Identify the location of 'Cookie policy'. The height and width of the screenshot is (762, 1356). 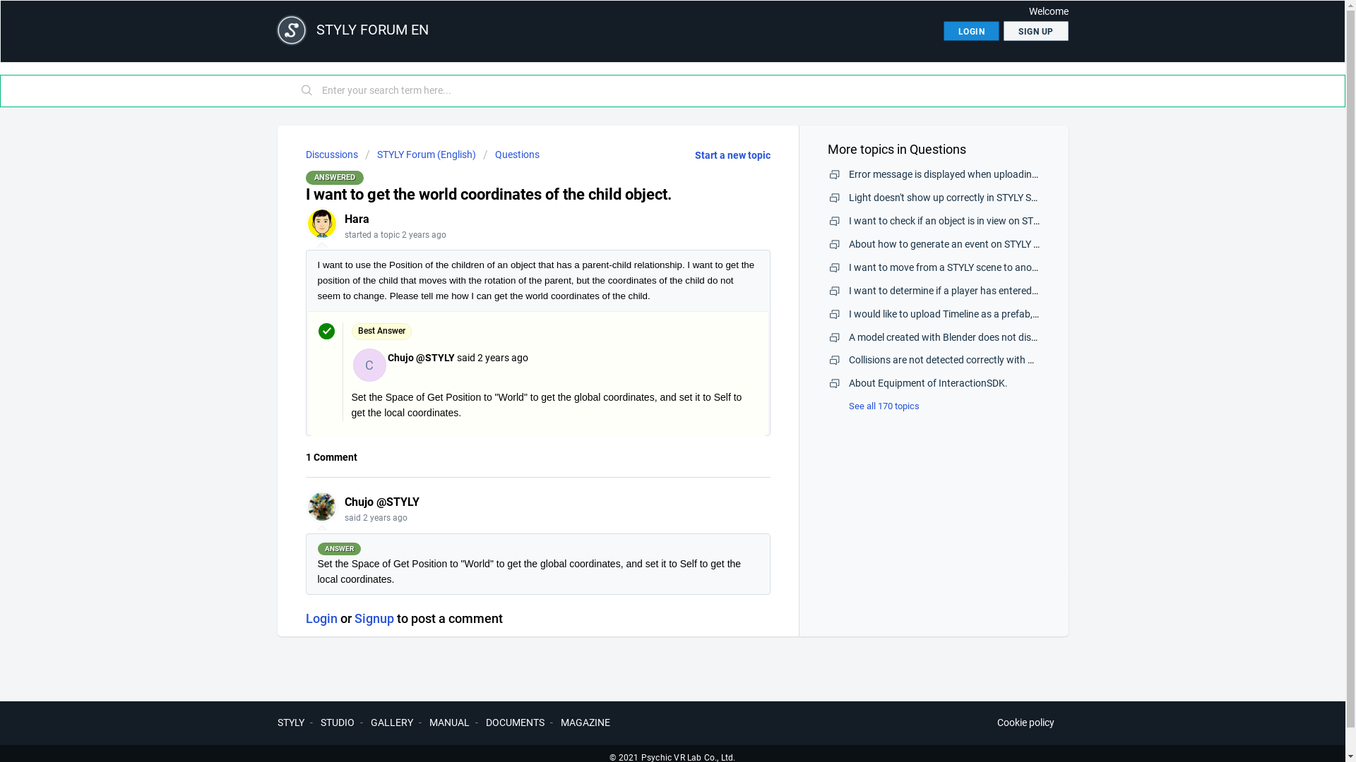
(1025, 723).